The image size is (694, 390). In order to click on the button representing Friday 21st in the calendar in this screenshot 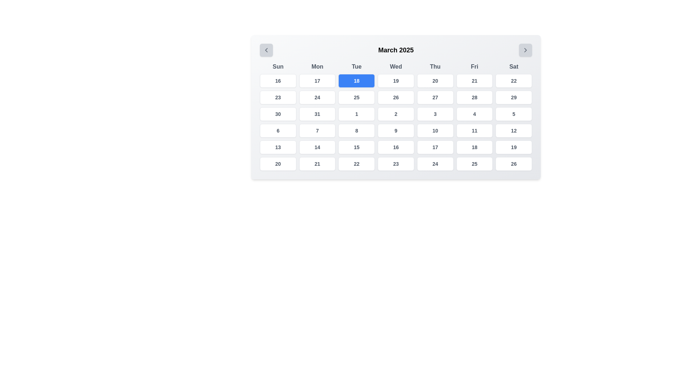, I will do `click(474, 81)`.